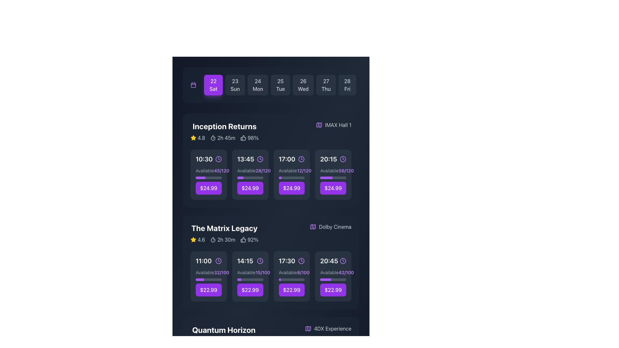 The height and width of the screenshot is (348, 619). Describe the element at coordinates (199, 279) in the screenshot. I see `visual representation of the filled segment of the progress bar located under the time slot '11:00' in 'The Matrix Legacy' section, which indicates 32% progress` at that location.